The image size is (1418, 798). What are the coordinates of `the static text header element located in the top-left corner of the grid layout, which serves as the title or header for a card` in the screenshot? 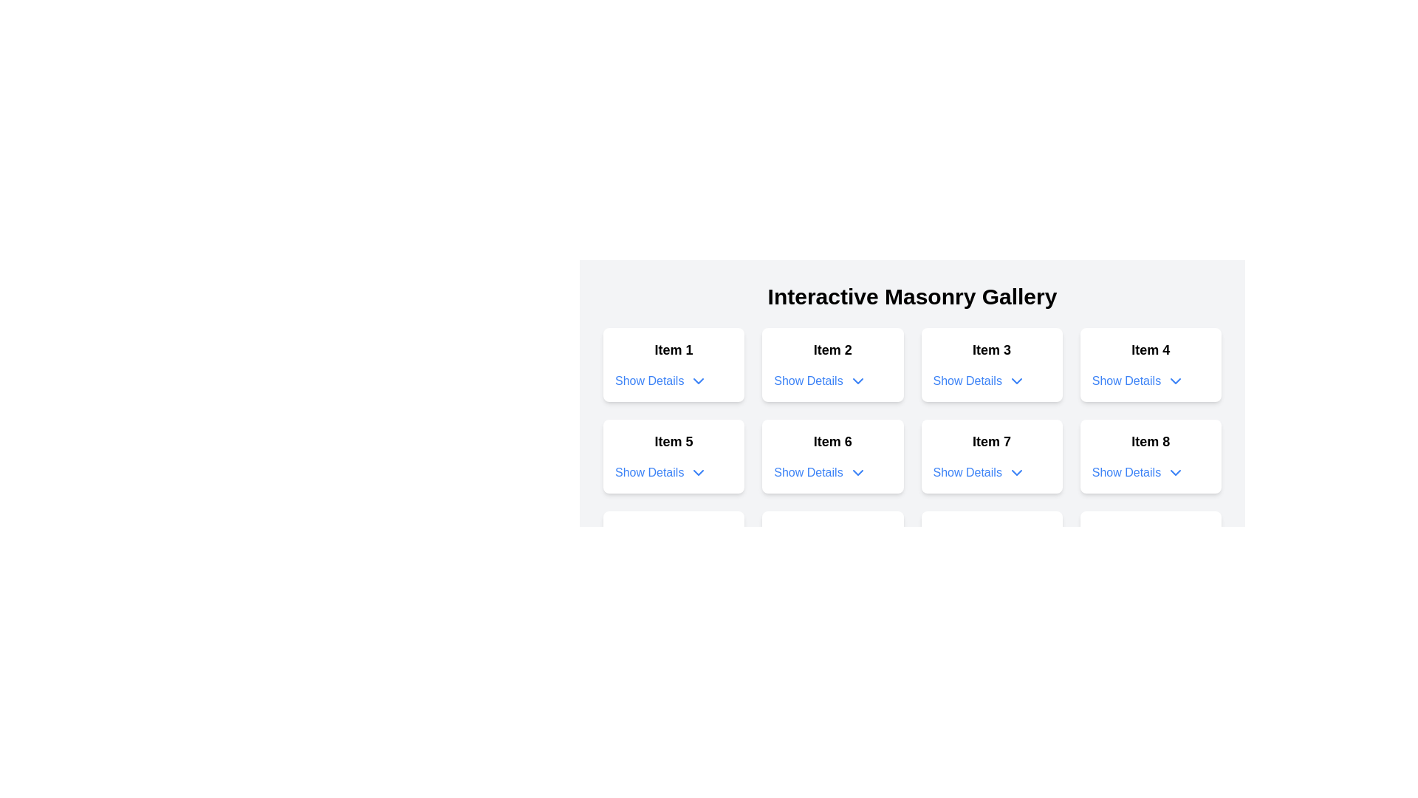 It's located at (673, 350).